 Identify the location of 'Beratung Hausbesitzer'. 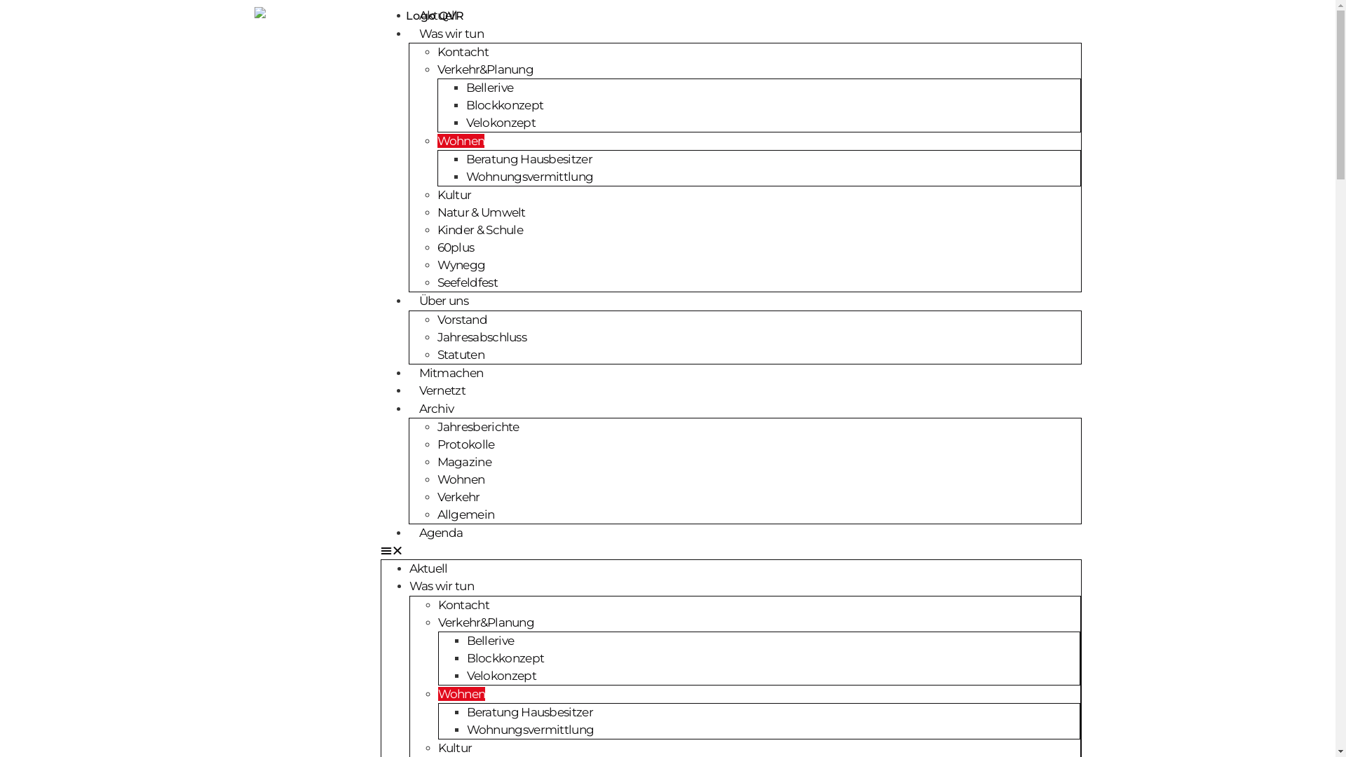
(467, 711).